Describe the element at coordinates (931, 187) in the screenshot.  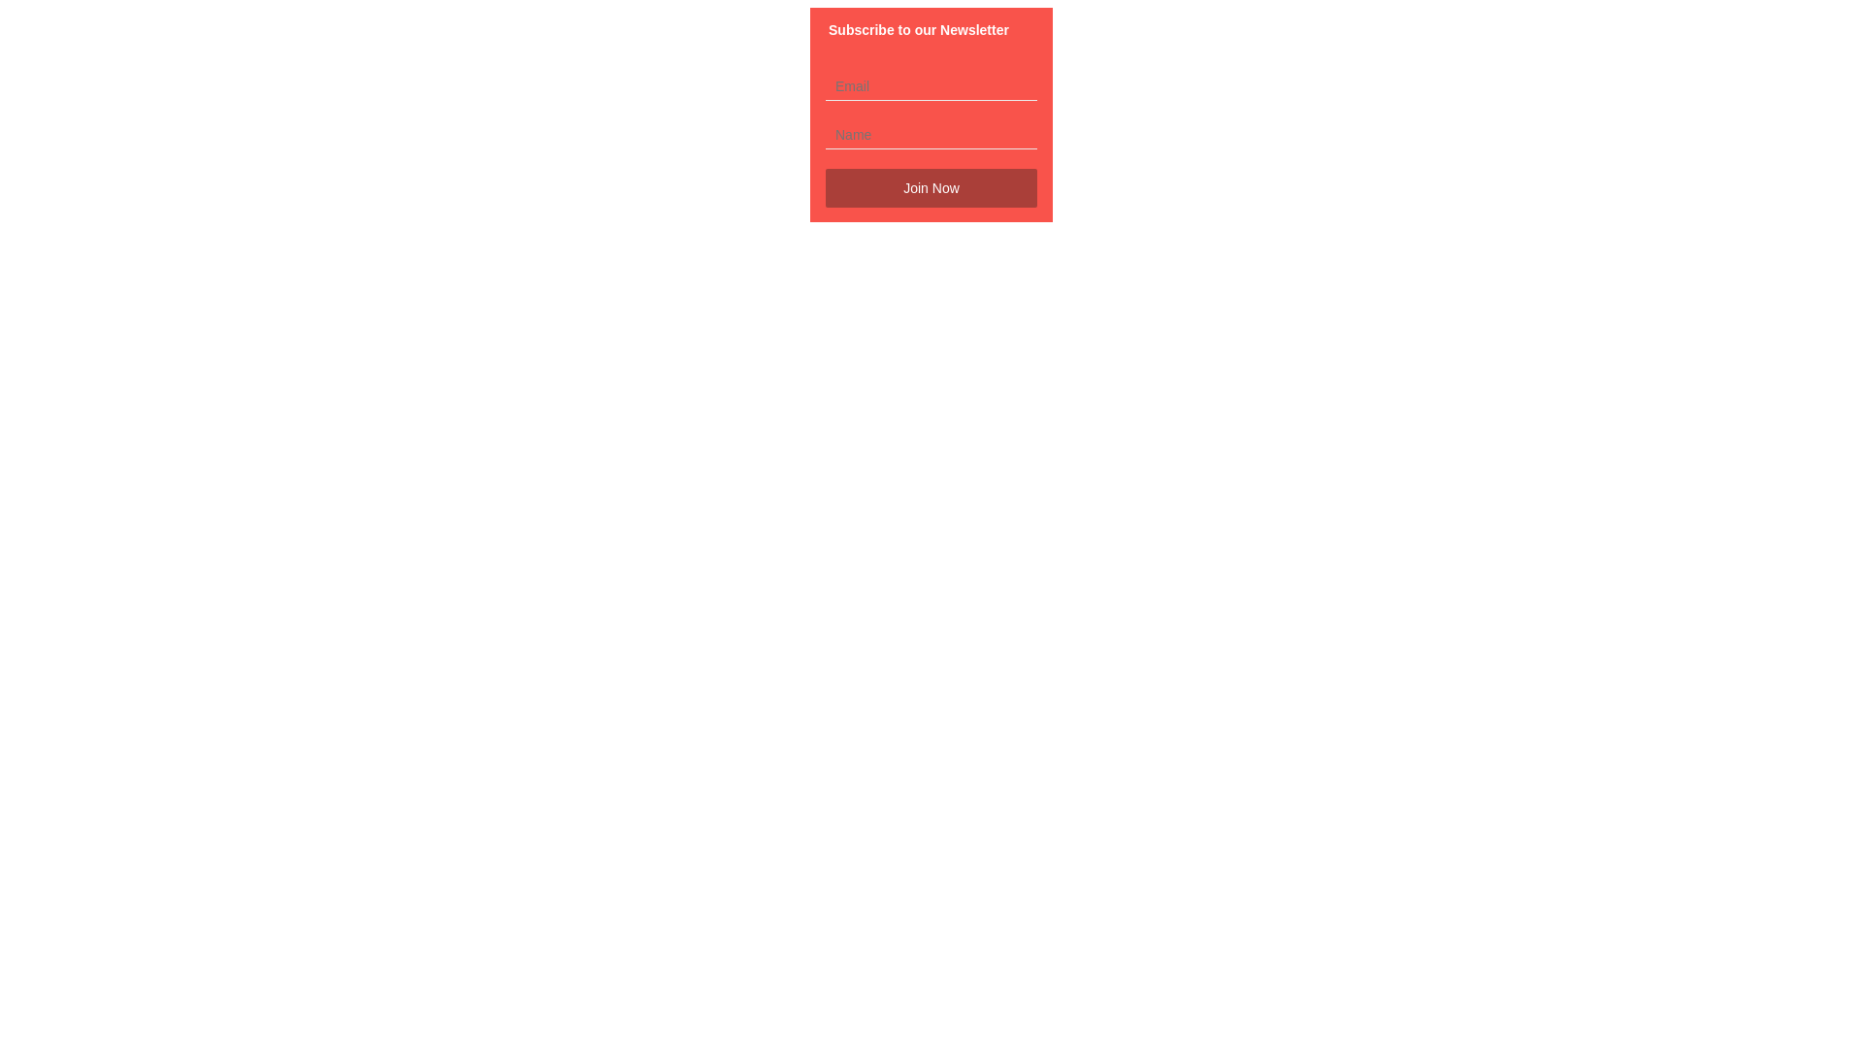
I see `'Join Now'` at that location.